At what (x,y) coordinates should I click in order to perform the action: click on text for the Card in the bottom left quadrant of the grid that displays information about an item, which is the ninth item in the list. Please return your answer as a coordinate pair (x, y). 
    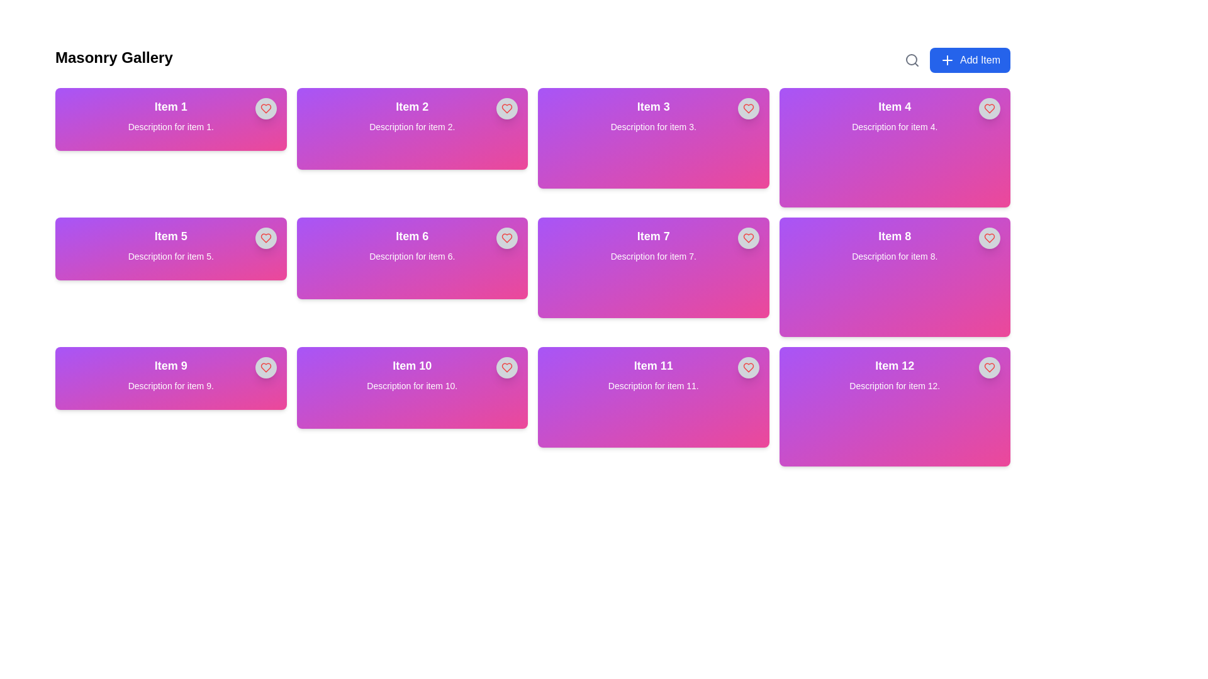
    Looking at the image, I should click on (170, 377).